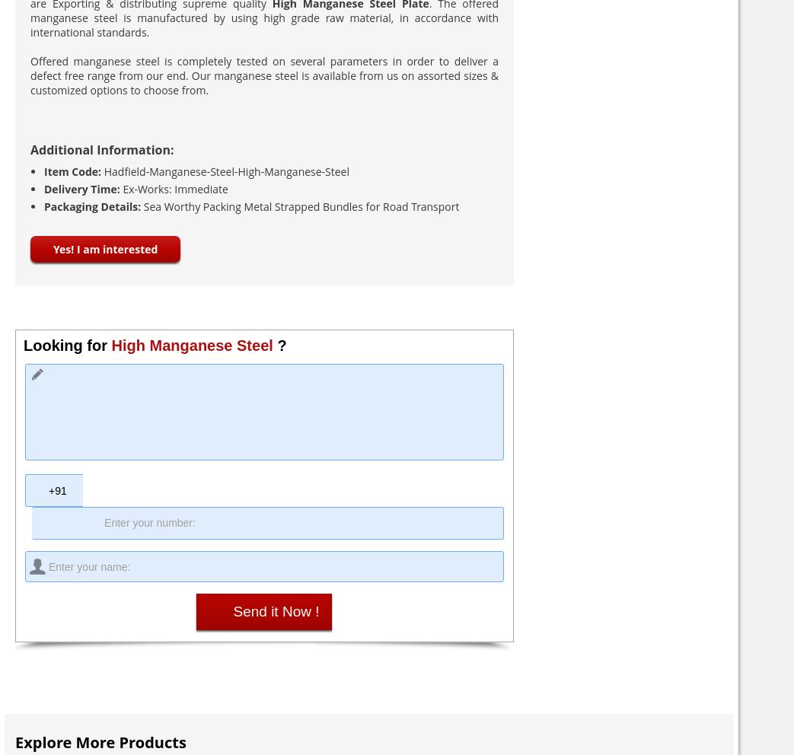 This screenshot has height=755, width=794. What do you see at coordinates (83, 189) in the screenshot?
I see `'Delivery Time:'` at bounding box center [83, 189].